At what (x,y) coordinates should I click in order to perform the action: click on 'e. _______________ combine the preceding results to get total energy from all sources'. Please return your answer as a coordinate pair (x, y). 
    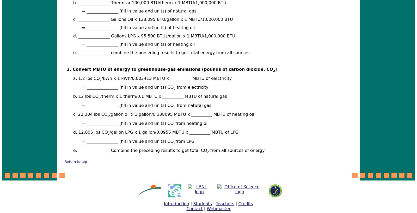
    Looking at the image, I should click on (161, 53).